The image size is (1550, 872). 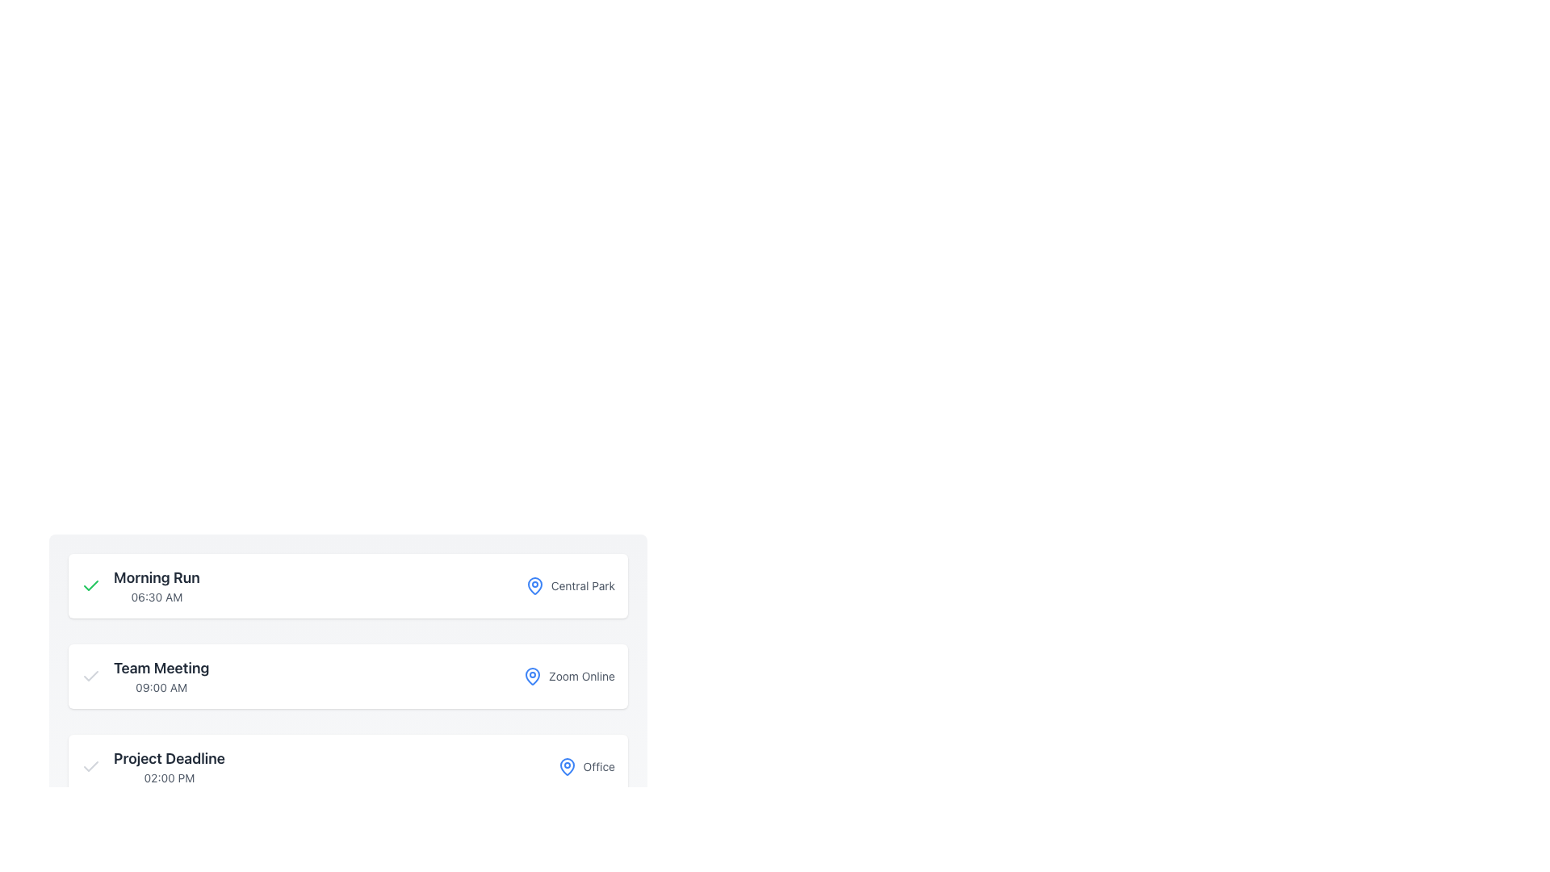 What do you see at coordinates (153, 765) in the screenshot?
I see `the scheduled event element displaying 'Project Deadline' and '02:00 PM' in the third card of the event list` at bounding box center [153, 765].